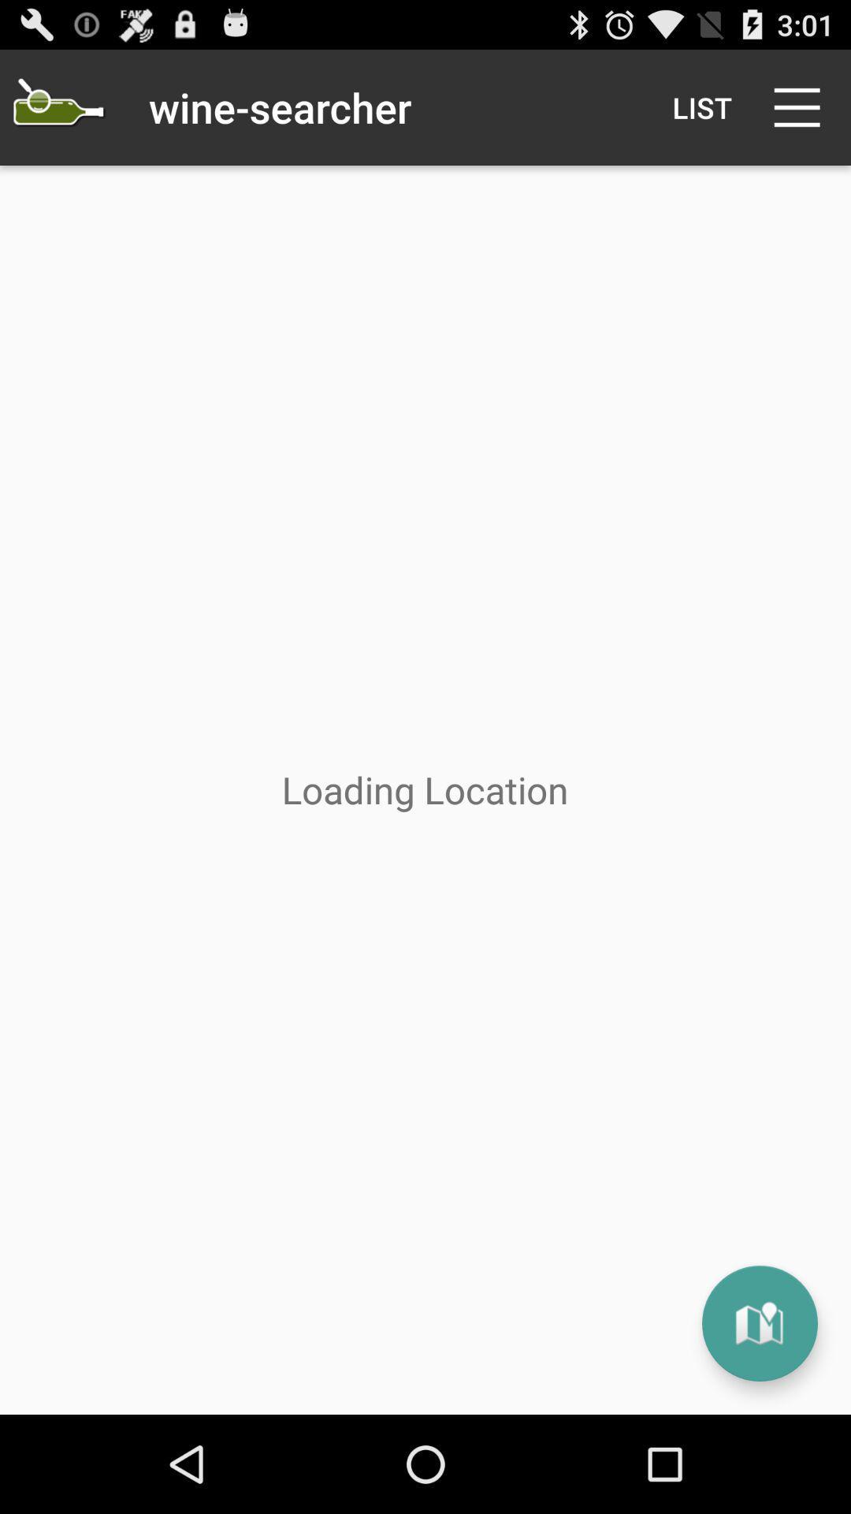  I want to click on icon to the right of list, so click(801, 106).